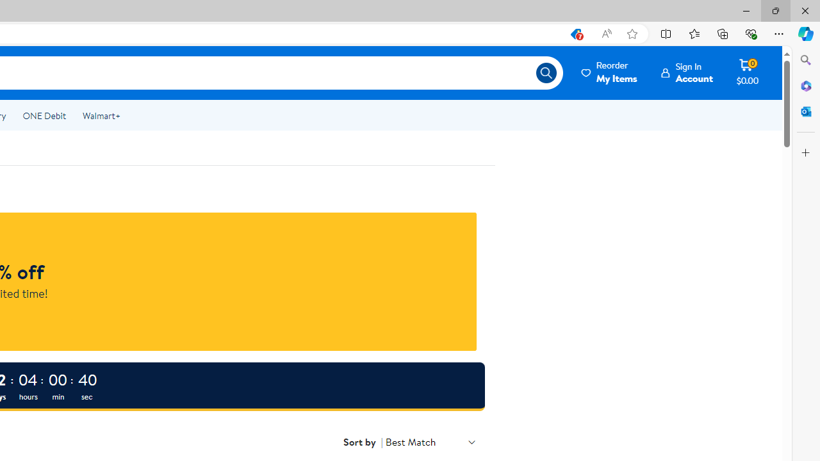 The image size is (820, 461). I want to click on 'ONE Debit', so click(44, 116).